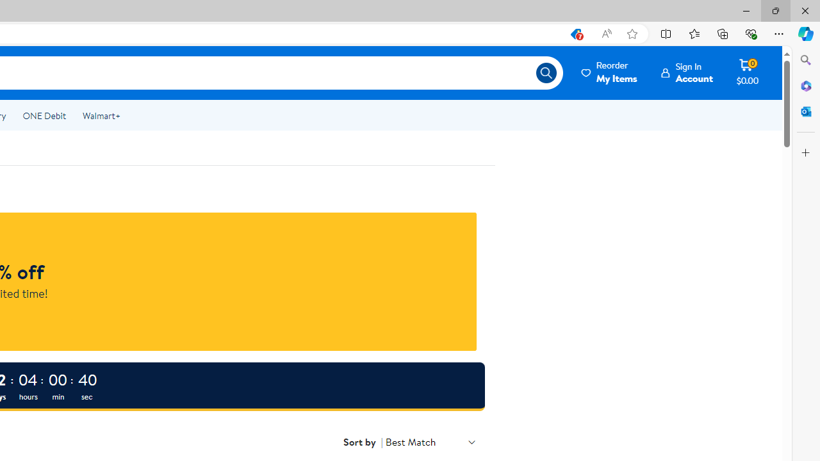 The image size is (820, 461). I want to click on 'ONE Debit', so click(44, 116).